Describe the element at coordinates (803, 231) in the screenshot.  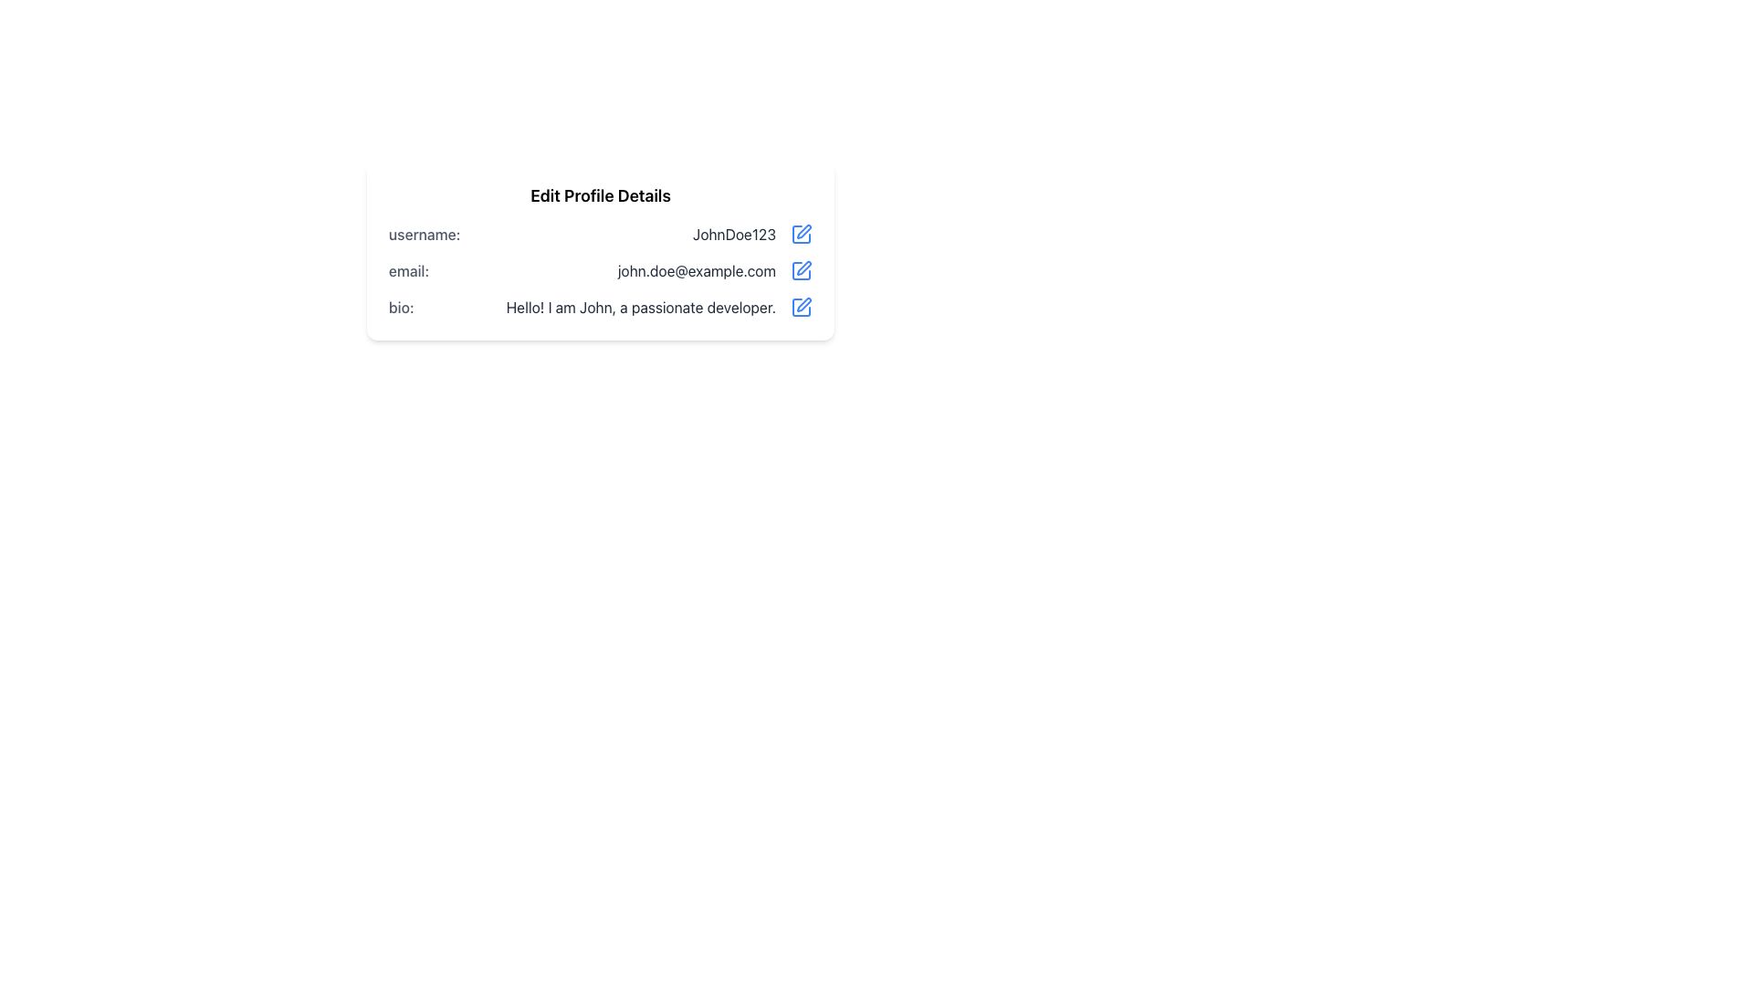
I see `the blue pen icon representing the edit functionality located to the right of the 'username:' field in the 'Edit Profile Details' section` at that location.